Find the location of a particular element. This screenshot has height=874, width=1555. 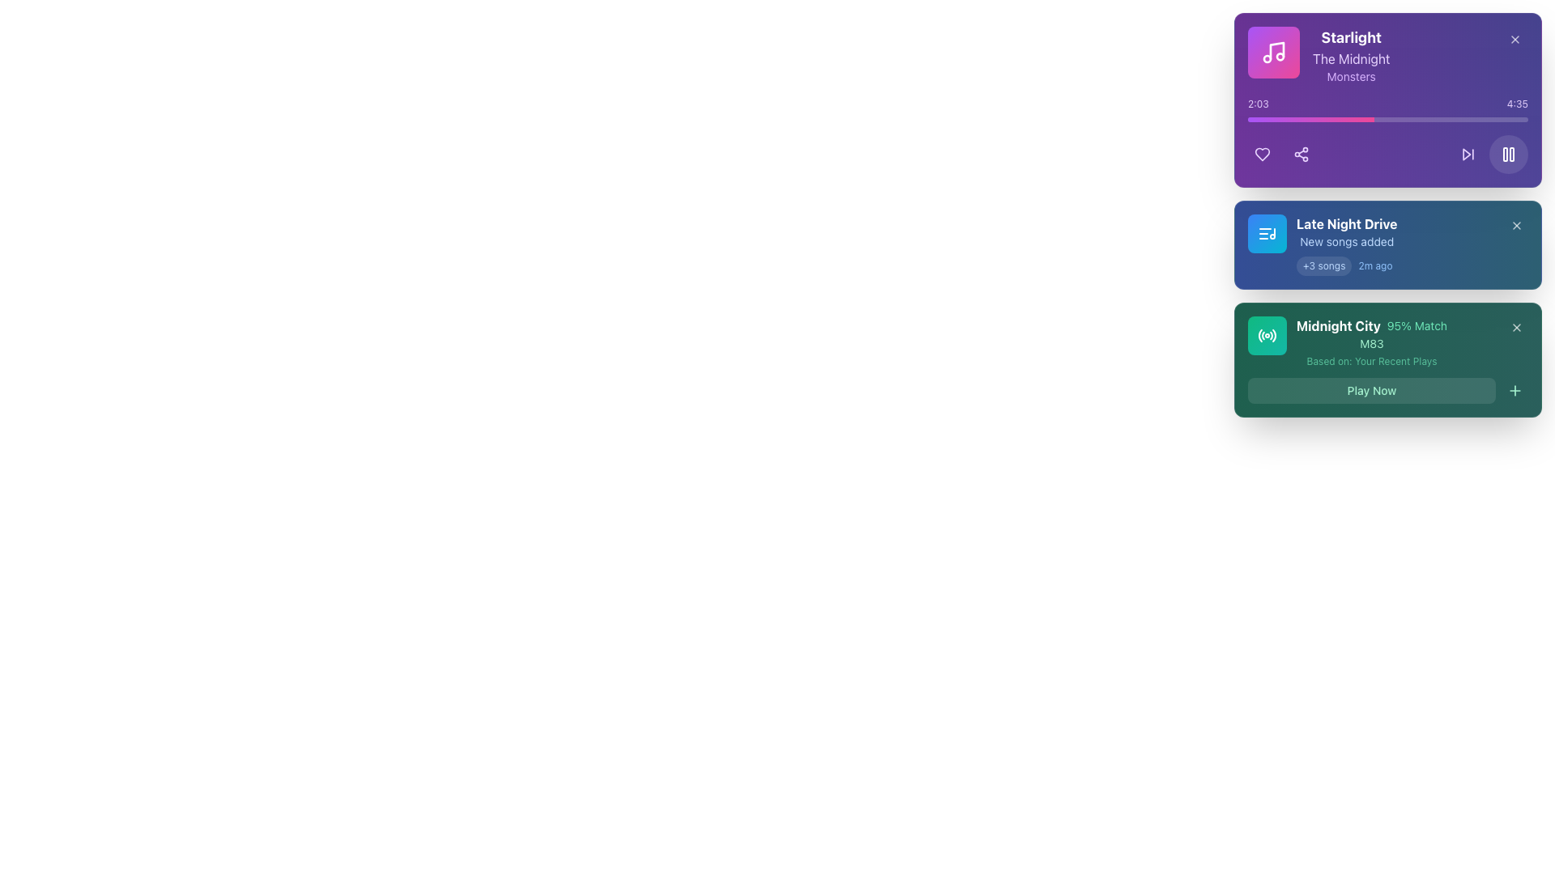

information displayed in the 'Starlight,' 'The Midnight,' and 'Monsters' text lines within the purple-themed widget located at the upper right section of the interface is located at coordinates (1351, 55).